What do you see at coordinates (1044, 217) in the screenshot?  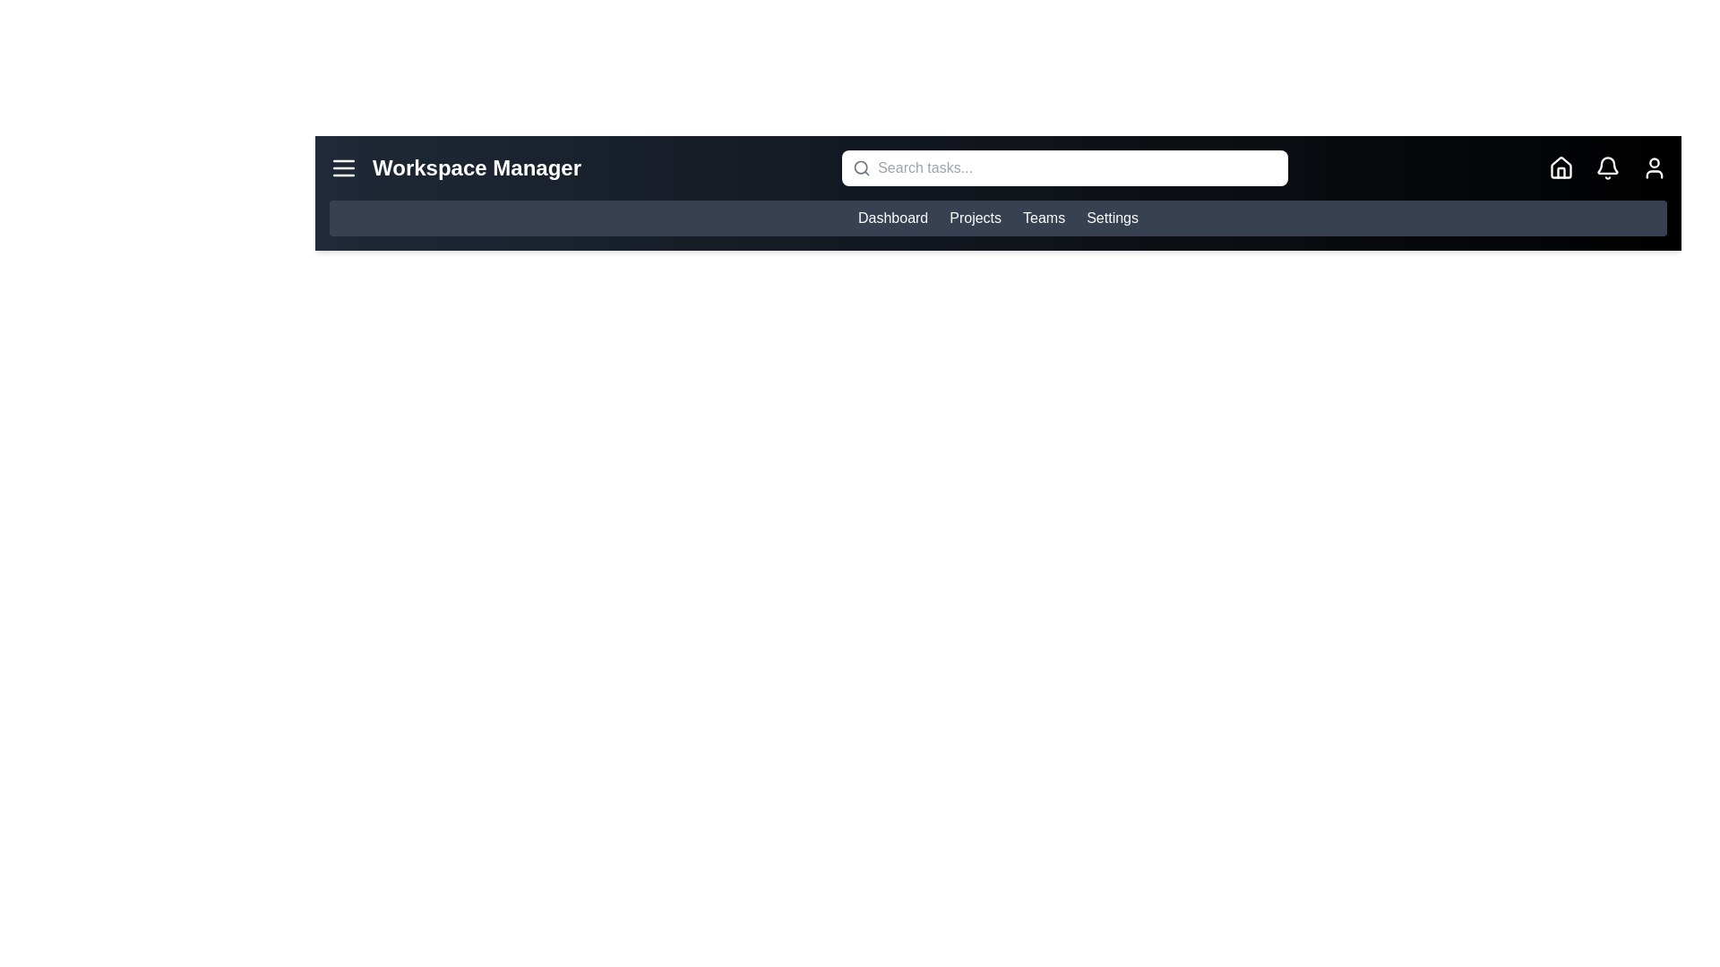 I see `the Teams link to navigate to the corresponding section` at bounding box center [1044, 217].